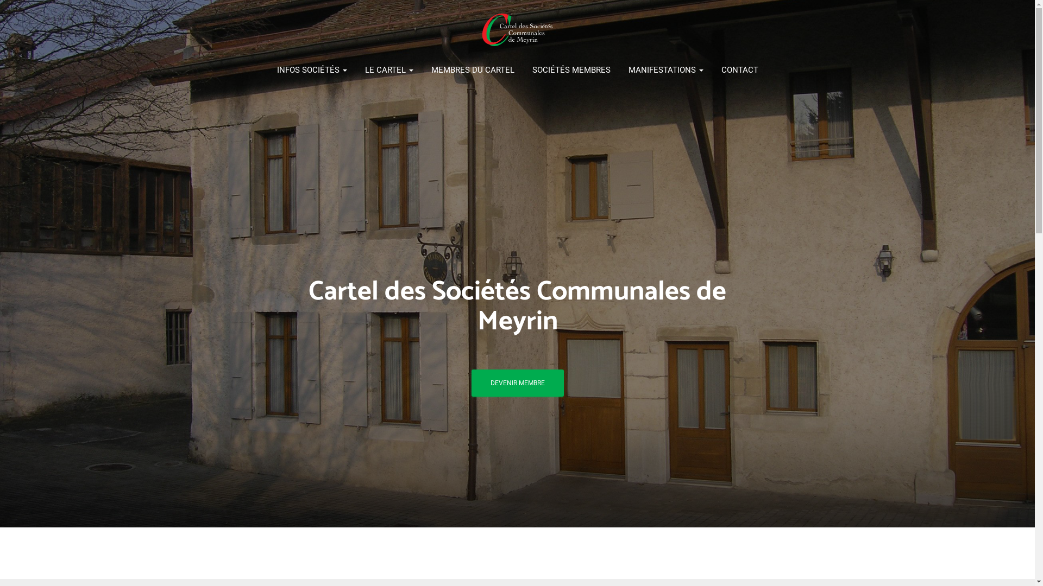 This screenshot has width=1043, height=586. I want to click on 'CONTACT', so click(739, 69).